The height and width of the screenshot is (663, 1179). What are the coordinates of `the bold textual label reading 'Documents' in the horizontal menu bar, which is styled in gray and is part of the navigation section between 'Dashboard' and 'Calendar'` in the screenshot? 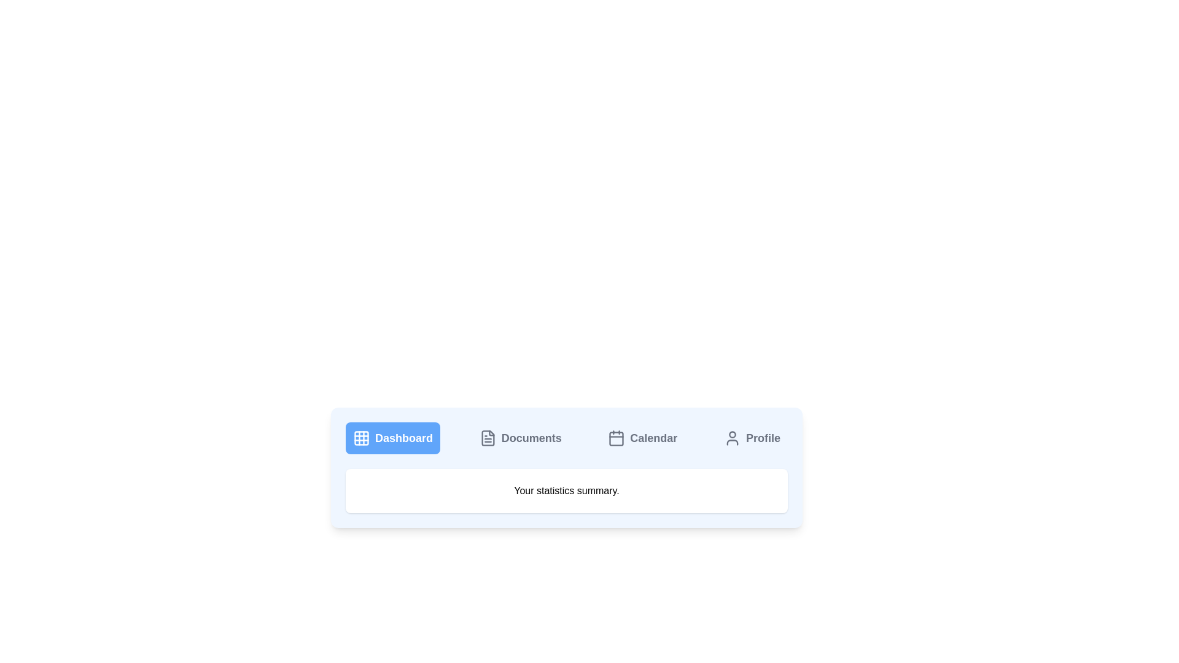 It's located at (531, 437).